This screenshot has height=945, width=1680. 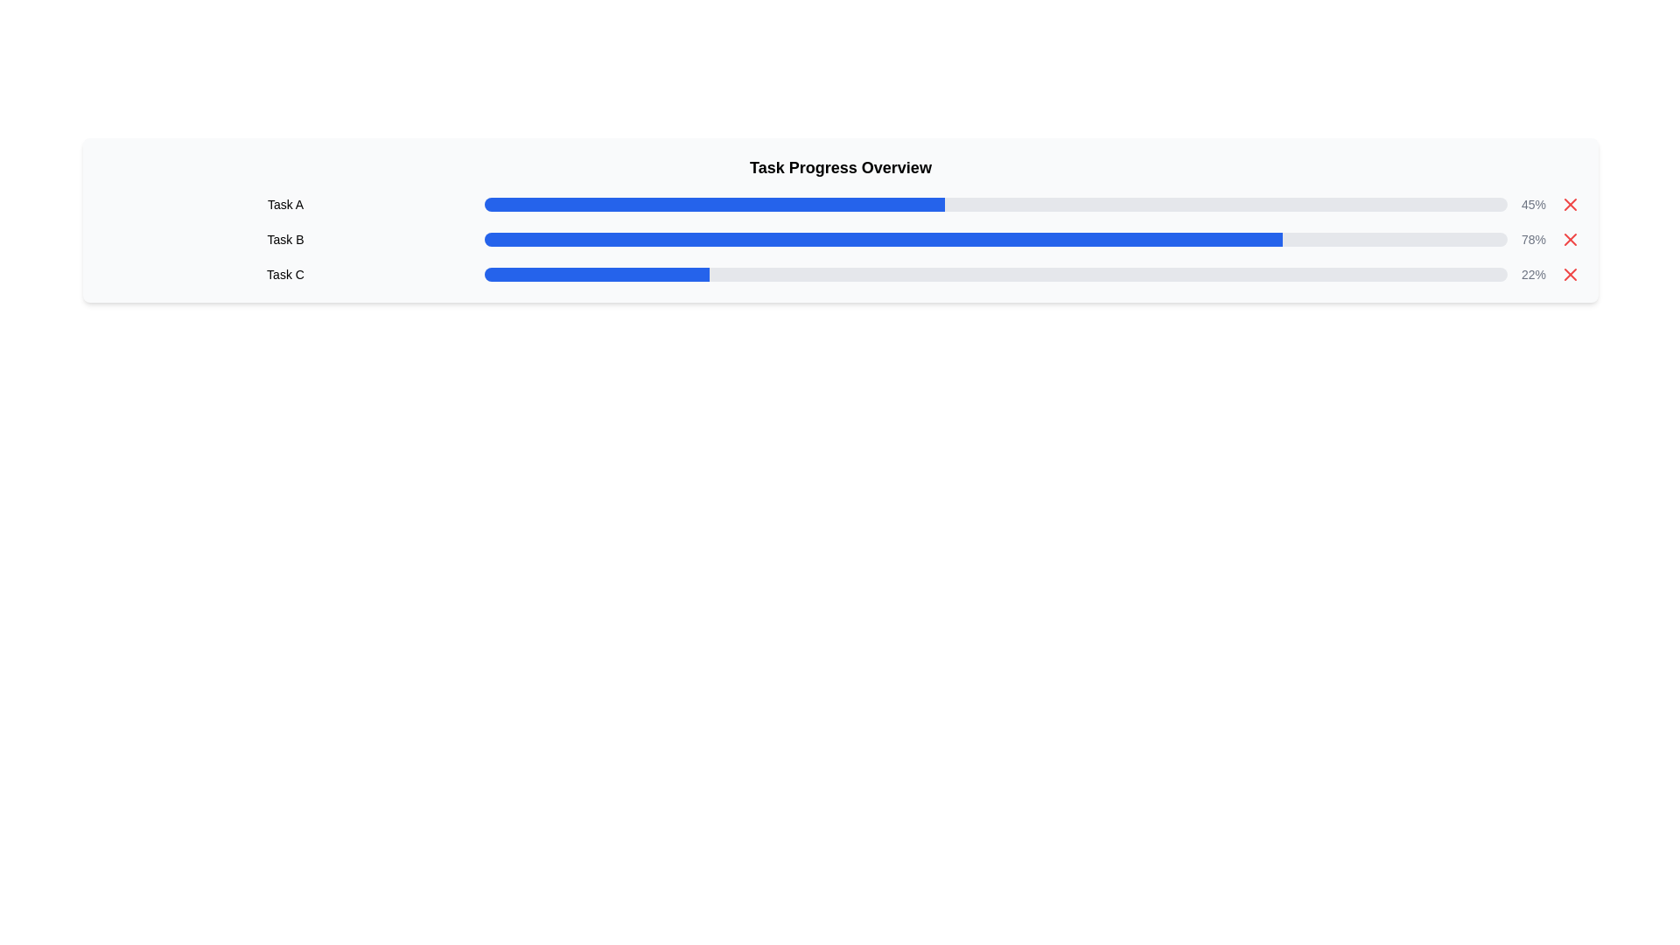 I want to click on the horizontal progress bar corresponding to 'Task B', which has a grey background and a blue segment filling 78% of its width, so click(x=996, y=239).